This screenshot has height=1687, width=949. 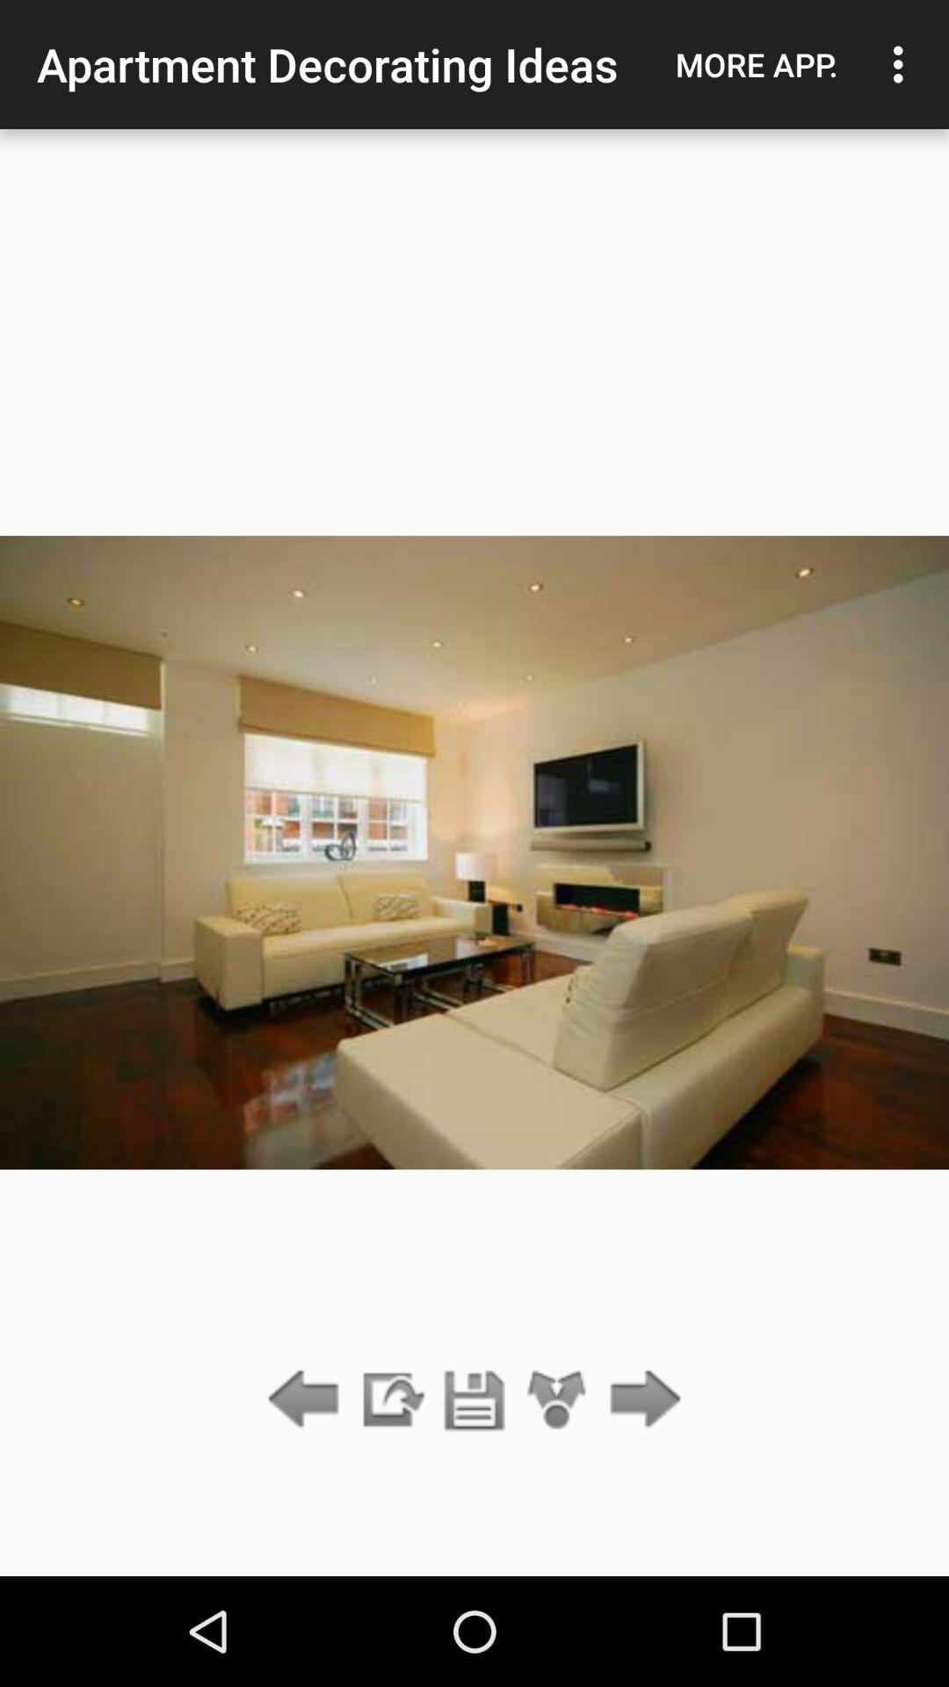 What do you see at coordinates (557, 1400) in the screenshot?
I see `the share icon` at bounding box center [557, 1400].